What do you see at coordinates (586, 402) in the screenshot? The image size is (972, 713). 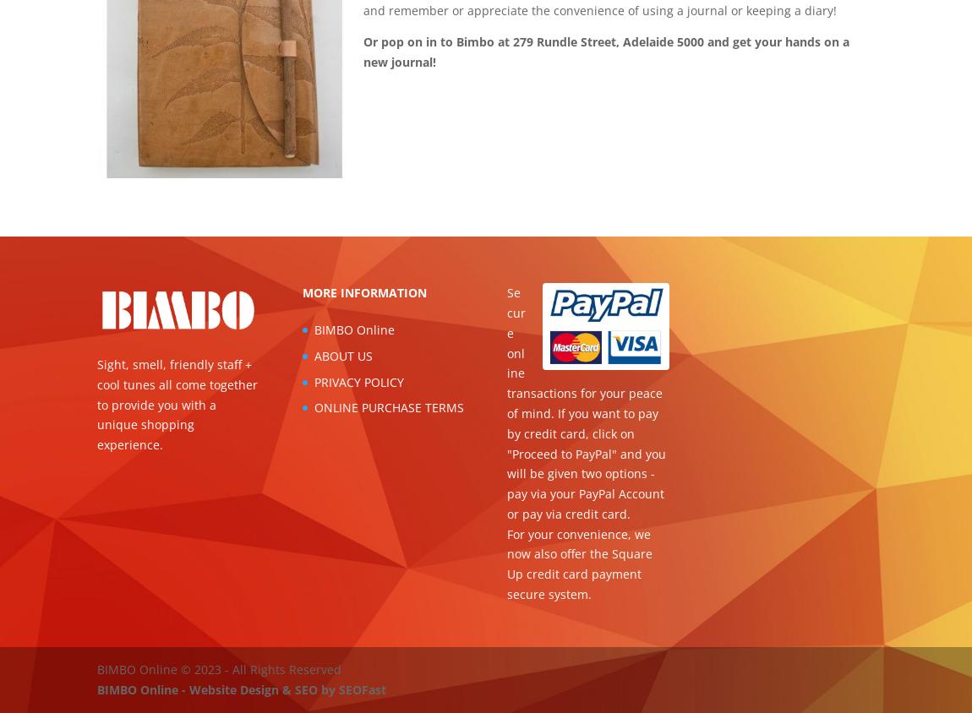 I see `'Secure online transactions for your peace of mind. If you want to pay by credit card, click on "Proceed to PayPal" and you will be given two options - pay via your PayPal Account or pay via credit card.'` at bounding box center [586, 402].